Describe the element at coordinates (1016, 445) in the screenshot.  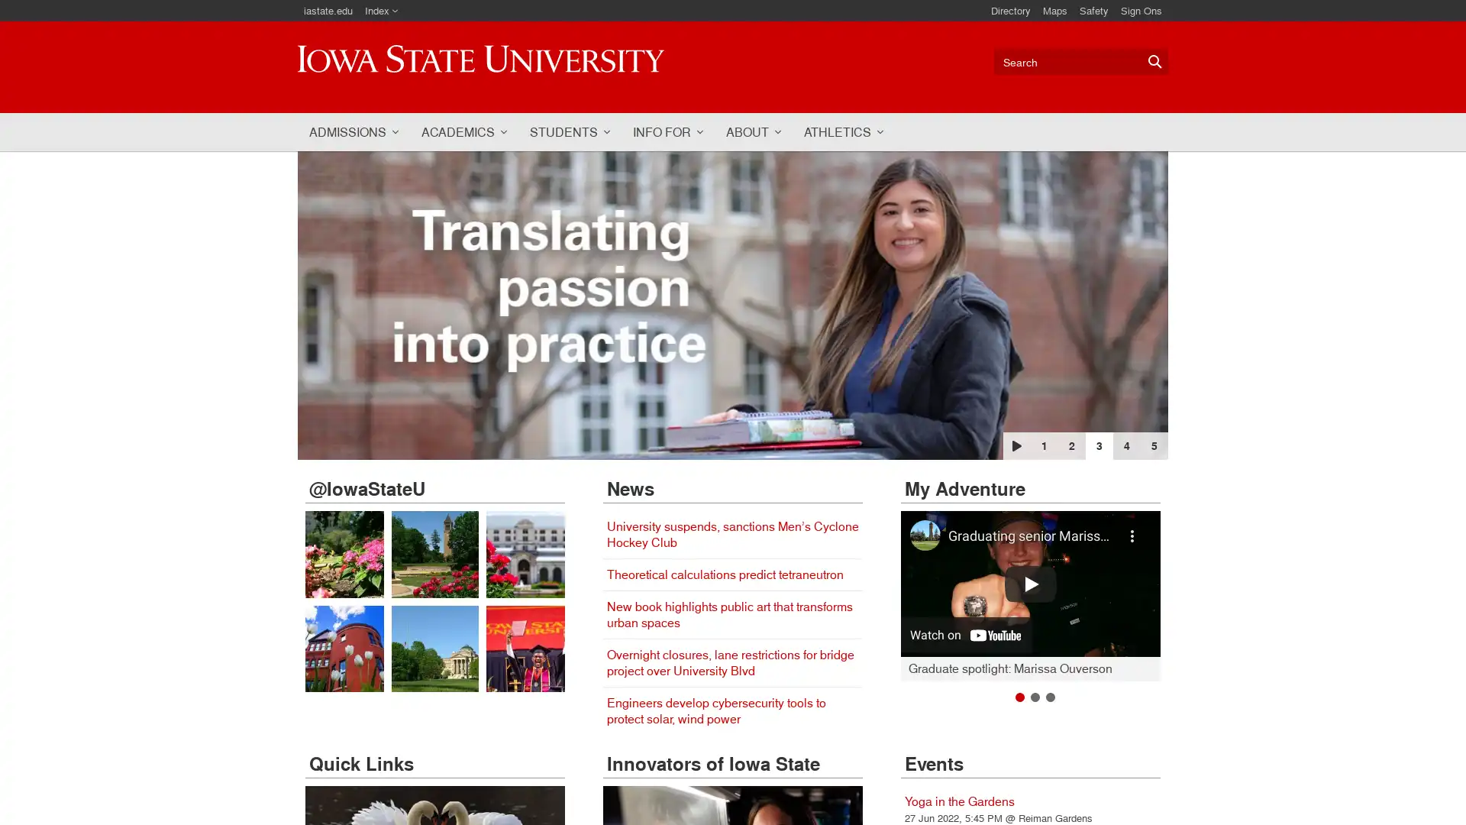
I see `Play Slideshow` at that location.